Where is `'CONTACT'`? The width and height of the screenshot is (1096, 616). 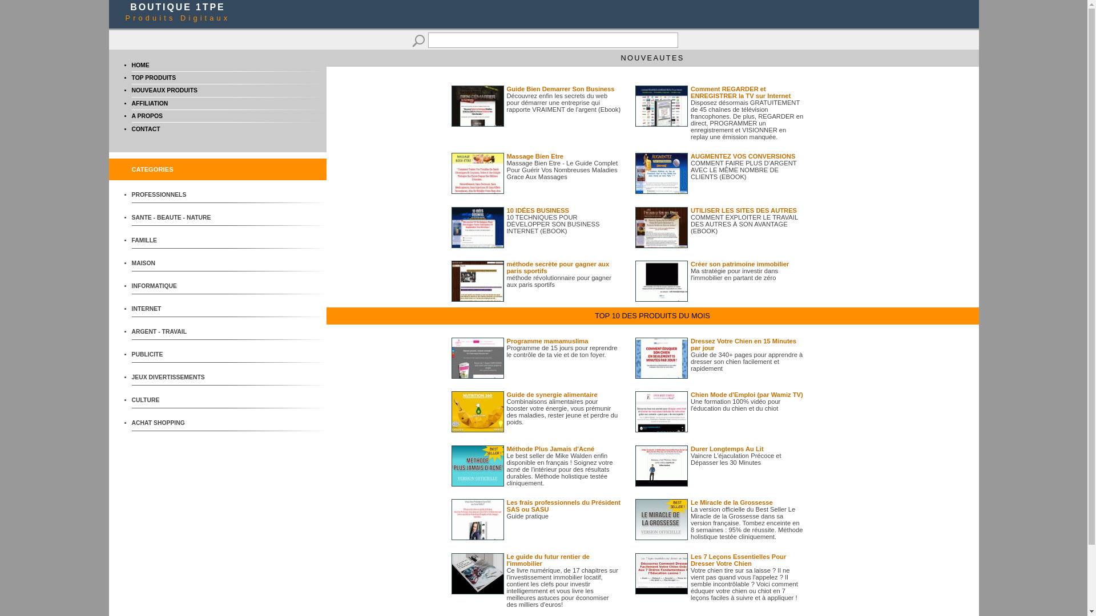 'CONTACT' is located at coordinates (131, 128).